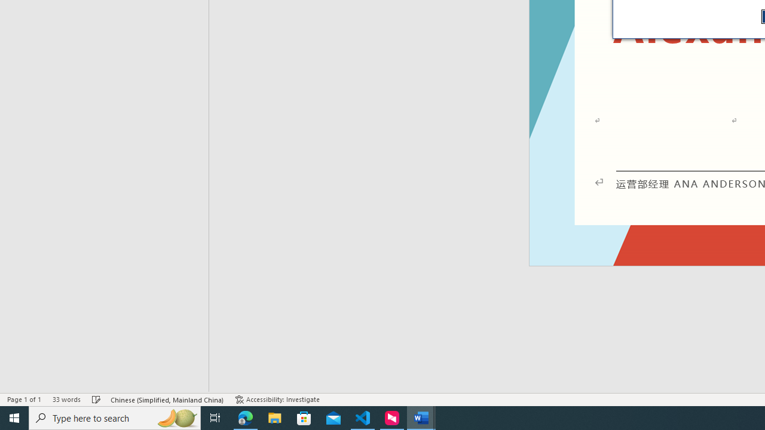 The height and width of the screenshot is (430, 765). I want to click on 'Page Number Page 1 of 1', so click(24, 400).